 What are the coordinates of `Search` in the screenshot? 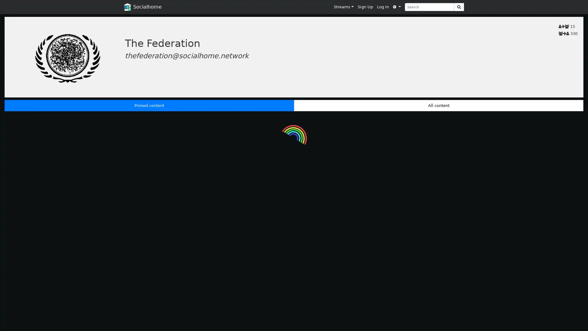 It's located at (459, 7).